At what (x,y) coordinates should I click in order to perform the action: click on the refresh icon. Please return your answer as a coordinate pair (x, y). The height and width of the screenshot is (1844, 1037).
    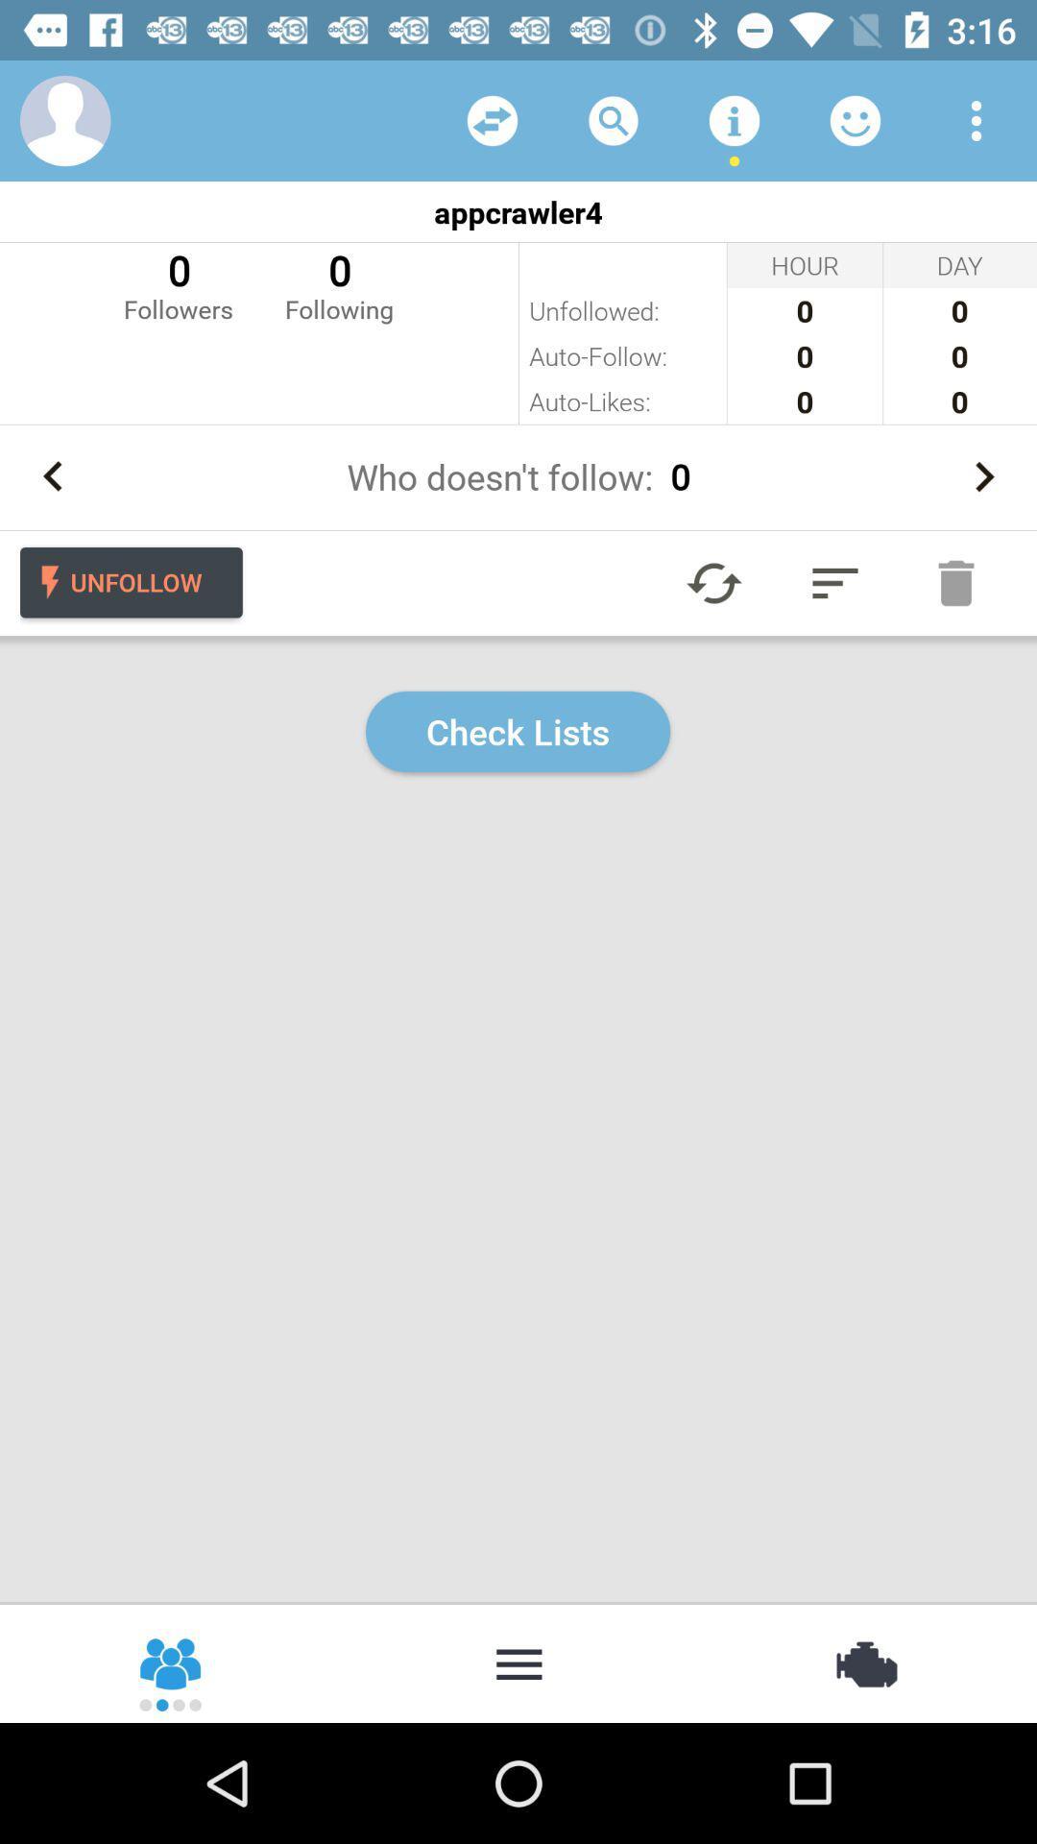
    Looking at the image, I should click on (714, 582).